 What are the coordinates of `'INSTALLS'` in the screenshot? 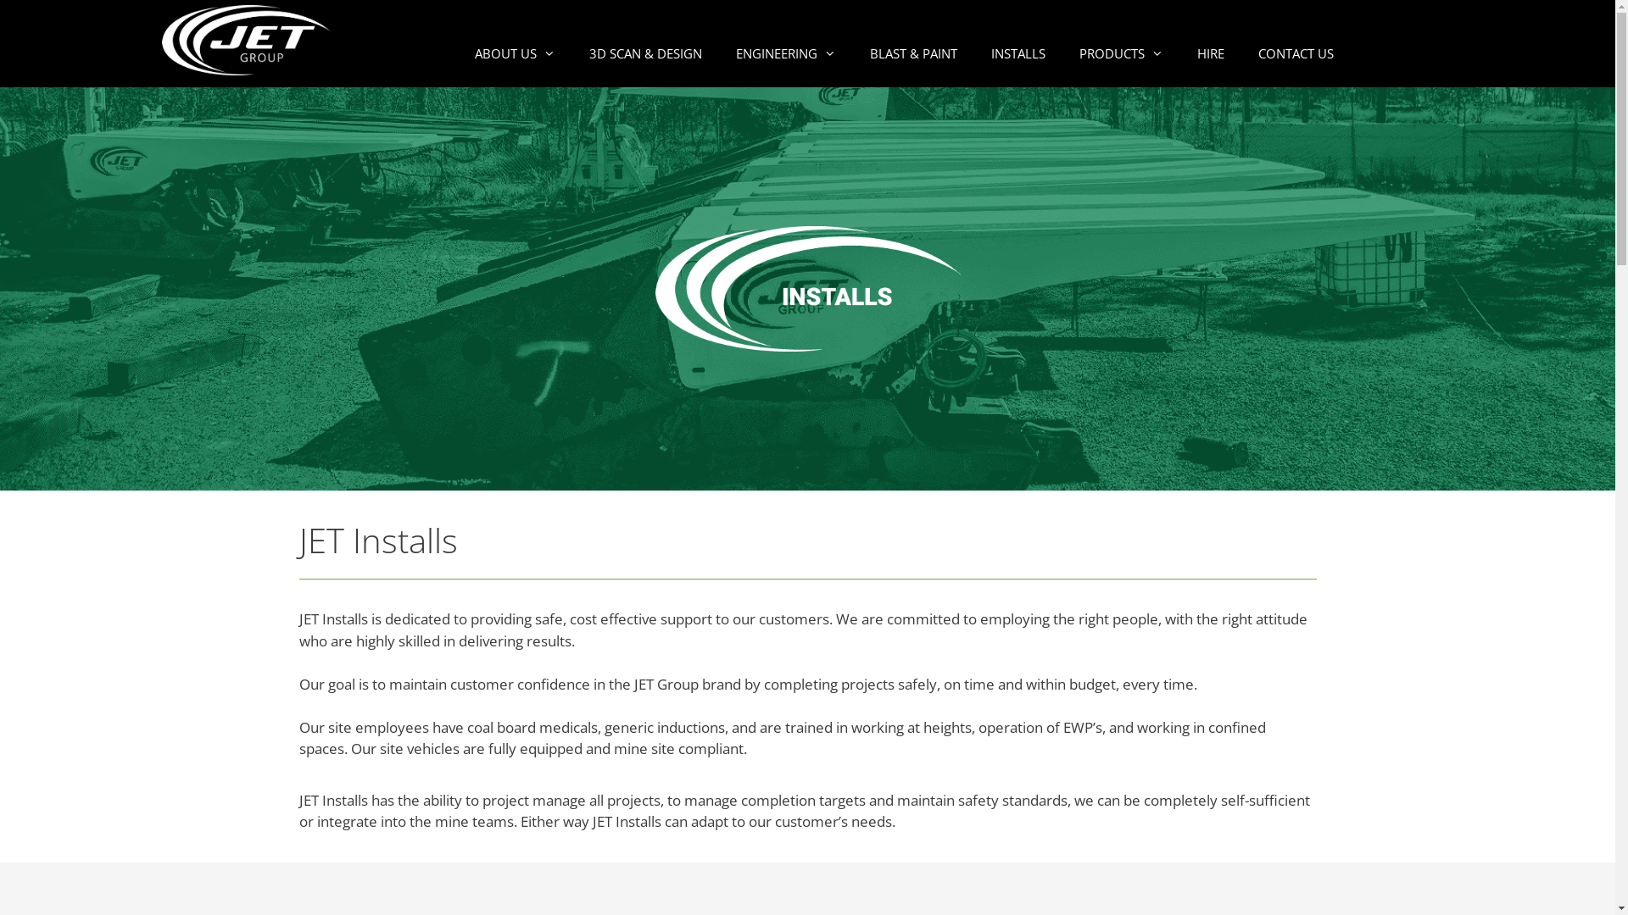 It's located at (1017, 52).